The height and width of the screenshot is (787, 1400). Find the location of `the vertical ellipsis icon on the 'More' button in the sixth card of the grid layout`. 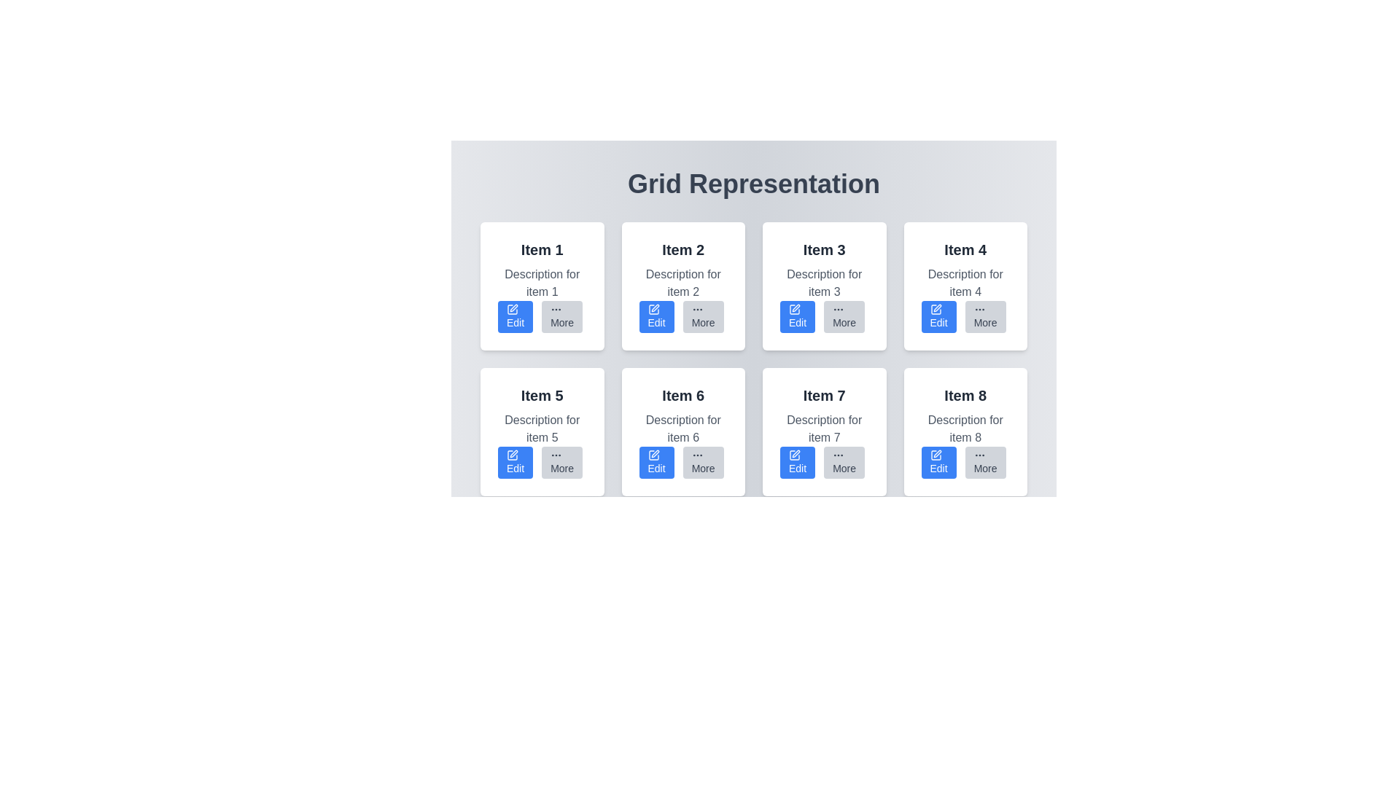

the vertical ellipsis icon on the 'More' button in the sixth card of the grid layout is located at coordinates (556, 454).